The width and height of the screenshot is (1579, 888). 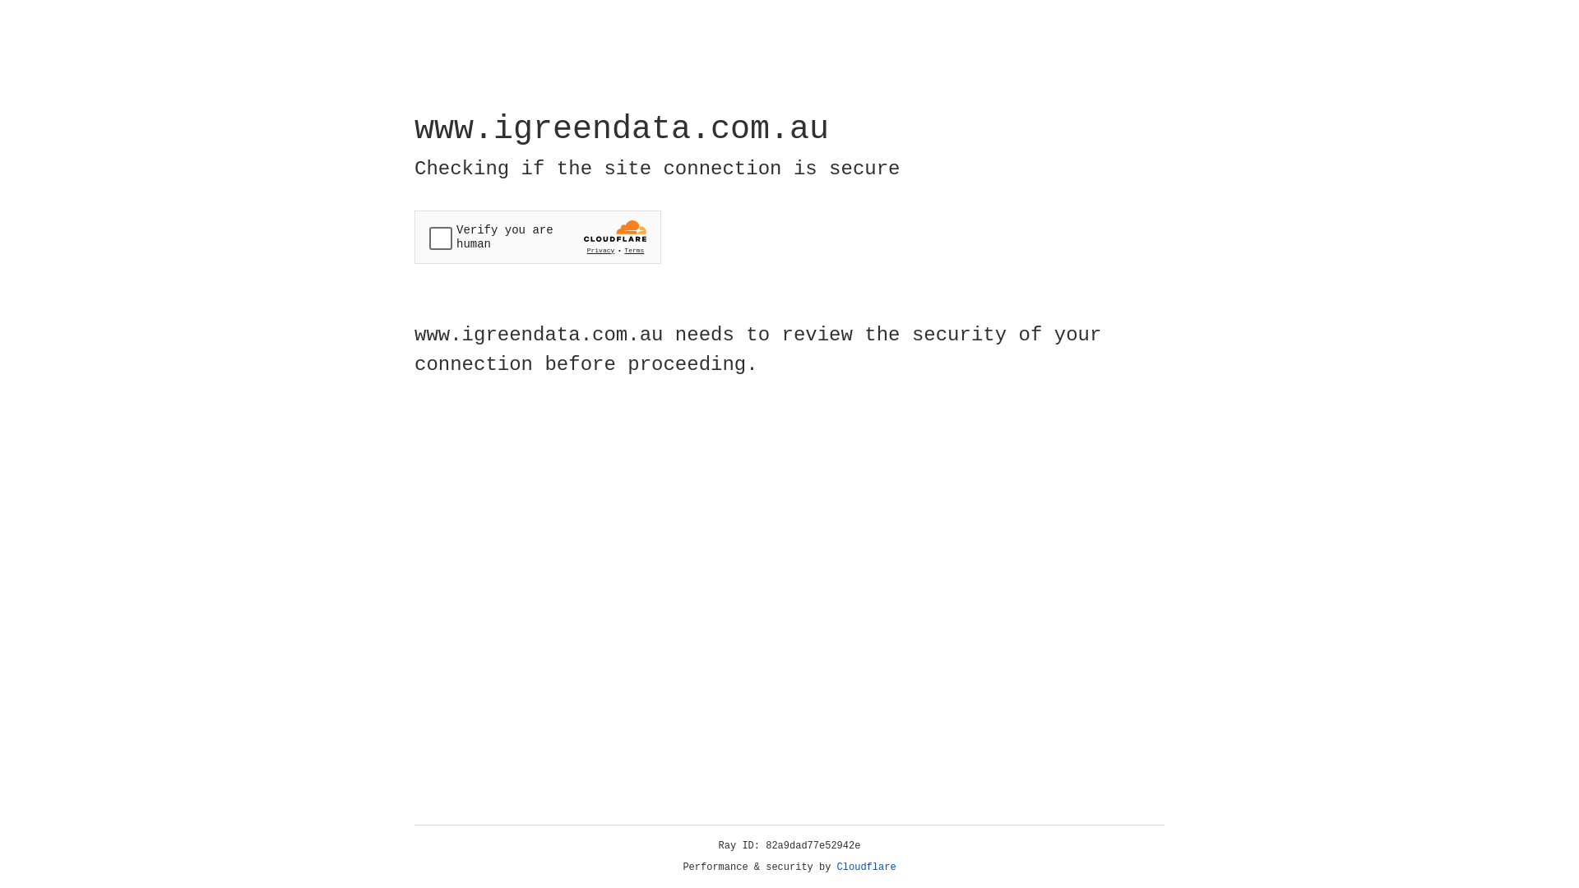 What do you see at coordinates (866, 867) in the screenshot?
I see `'Cloudflare'` at bounding box center [866, 867].